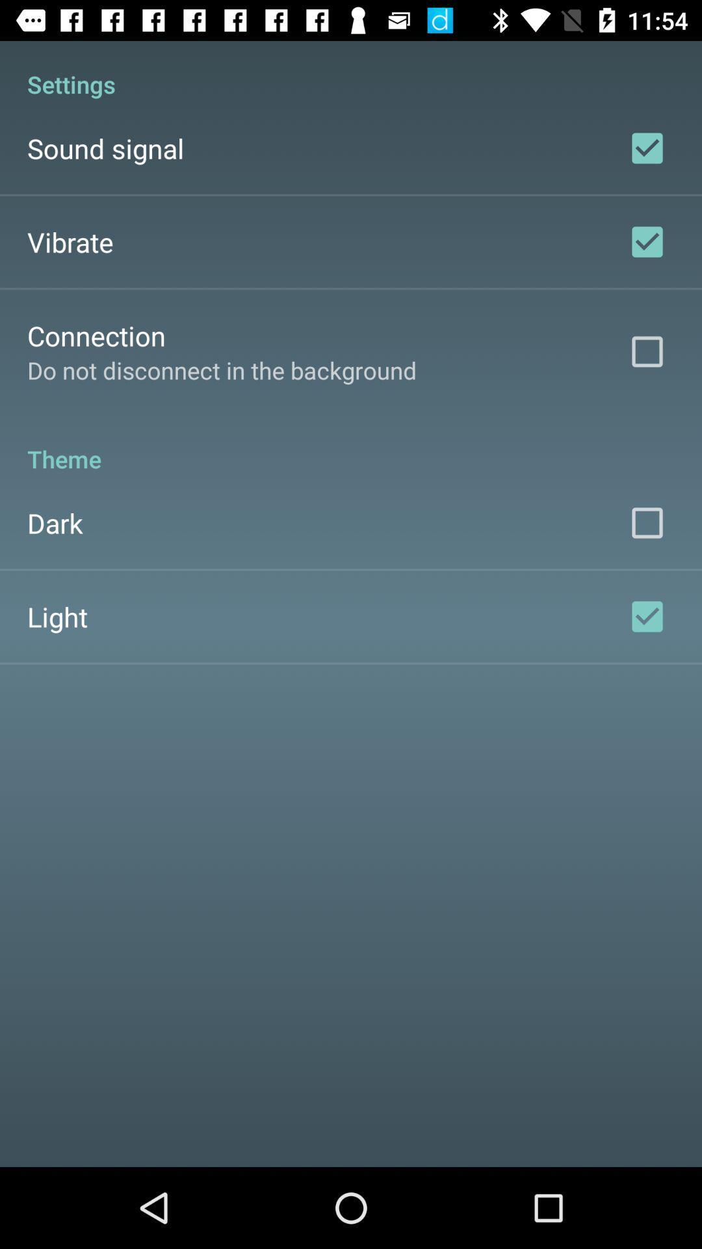 This screenshot has height=1249, width=702. What do you see at coordinates (96, 335) in the screenshot?
I see `item above do not disconnect app` at bounding box center [96, 335].